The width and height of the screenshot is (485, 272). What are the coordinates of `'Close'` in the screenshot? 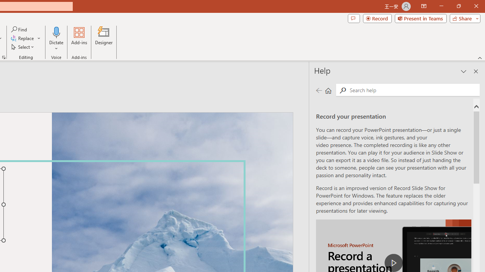 It's located at (476, 6).